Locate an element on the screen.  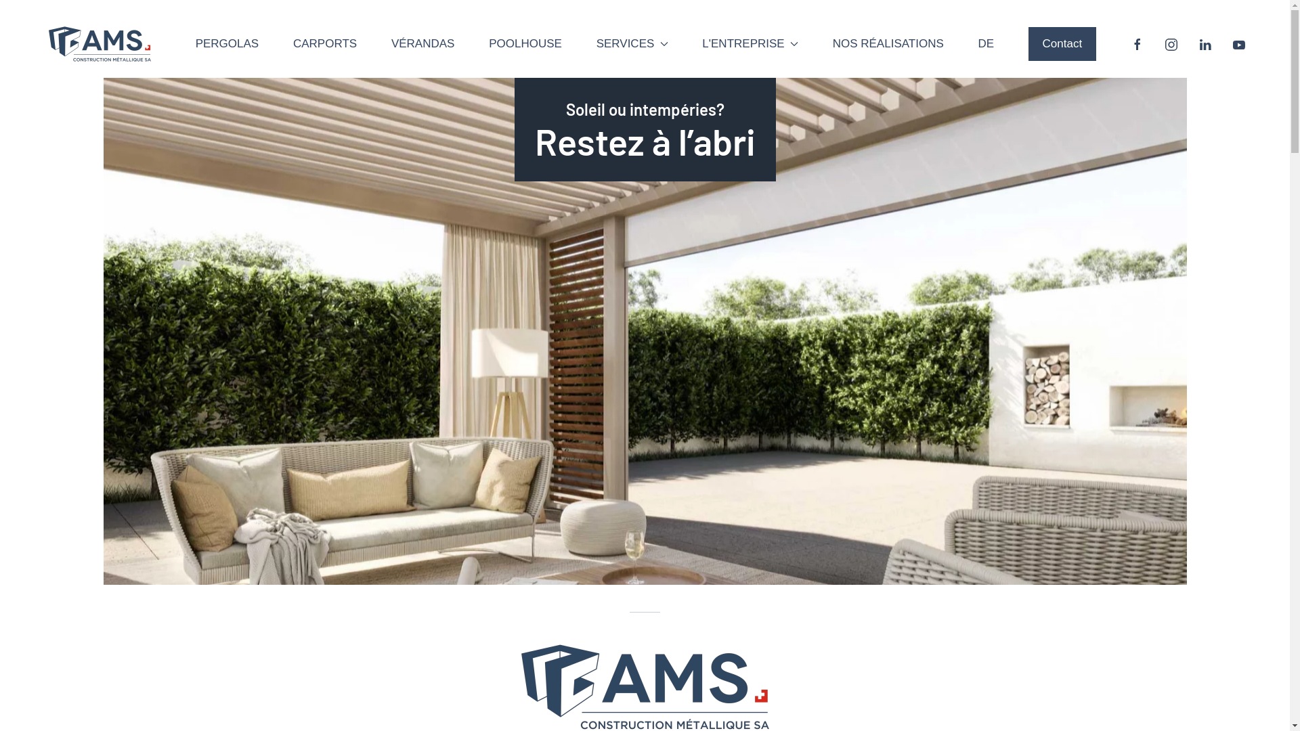
'Contact' is located at coordinates (1062, 43).